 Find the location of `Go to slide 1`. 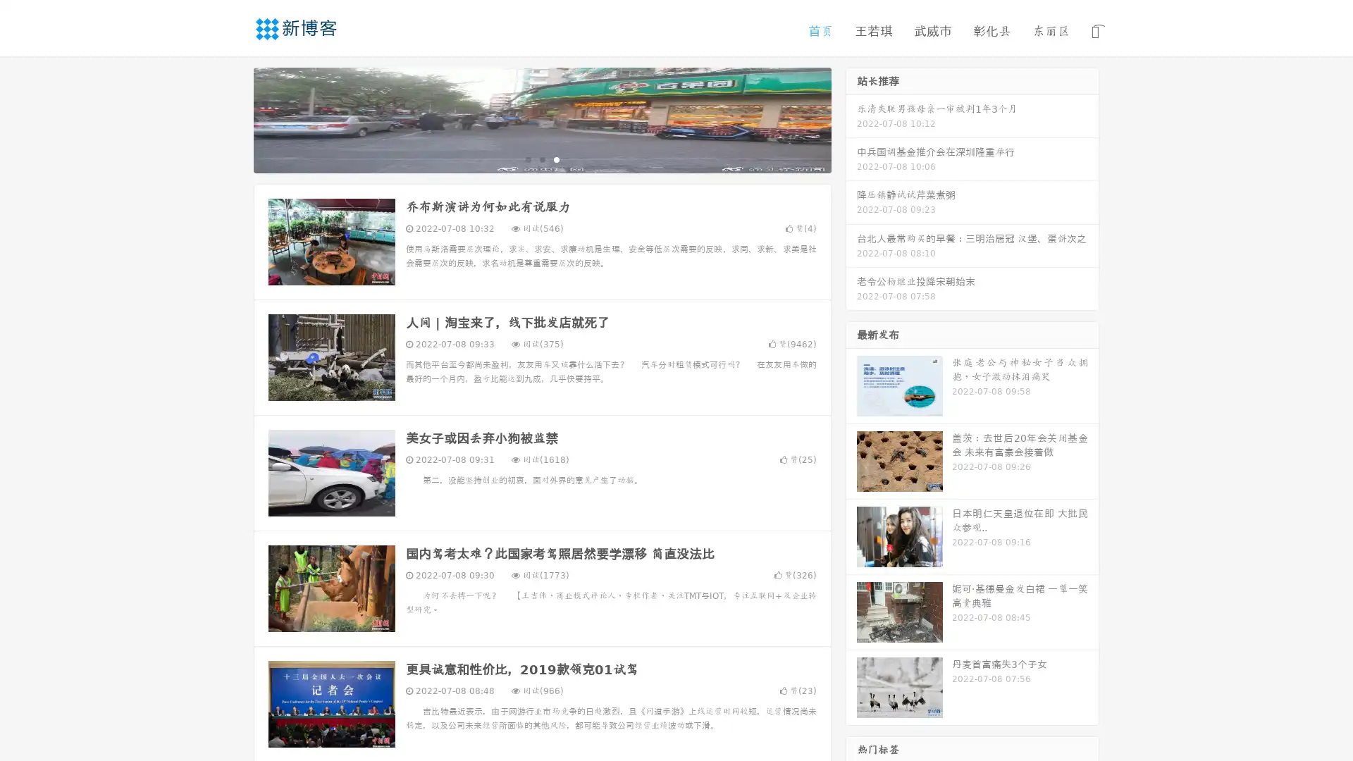

Go to slide 1 is located at coordinates (527, 159).